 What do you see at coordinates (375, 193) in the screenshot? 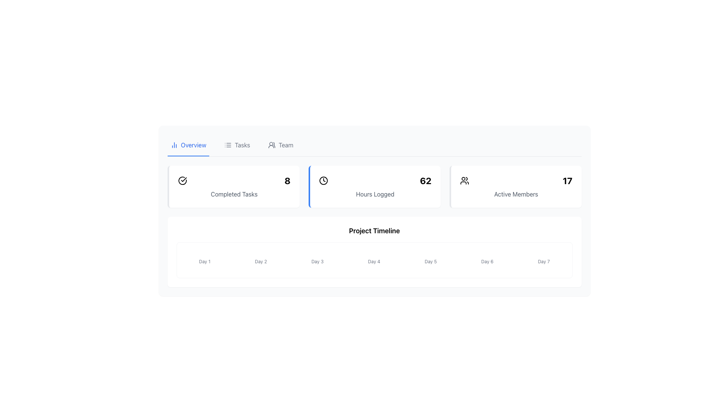
I see `the 'Hours Logged' text label displayed in gray font, which is part of a white background card that contains the bold number '62' and a clock icon, located as the second card from the left in a row of three cards` at bounding box center [375, 193].